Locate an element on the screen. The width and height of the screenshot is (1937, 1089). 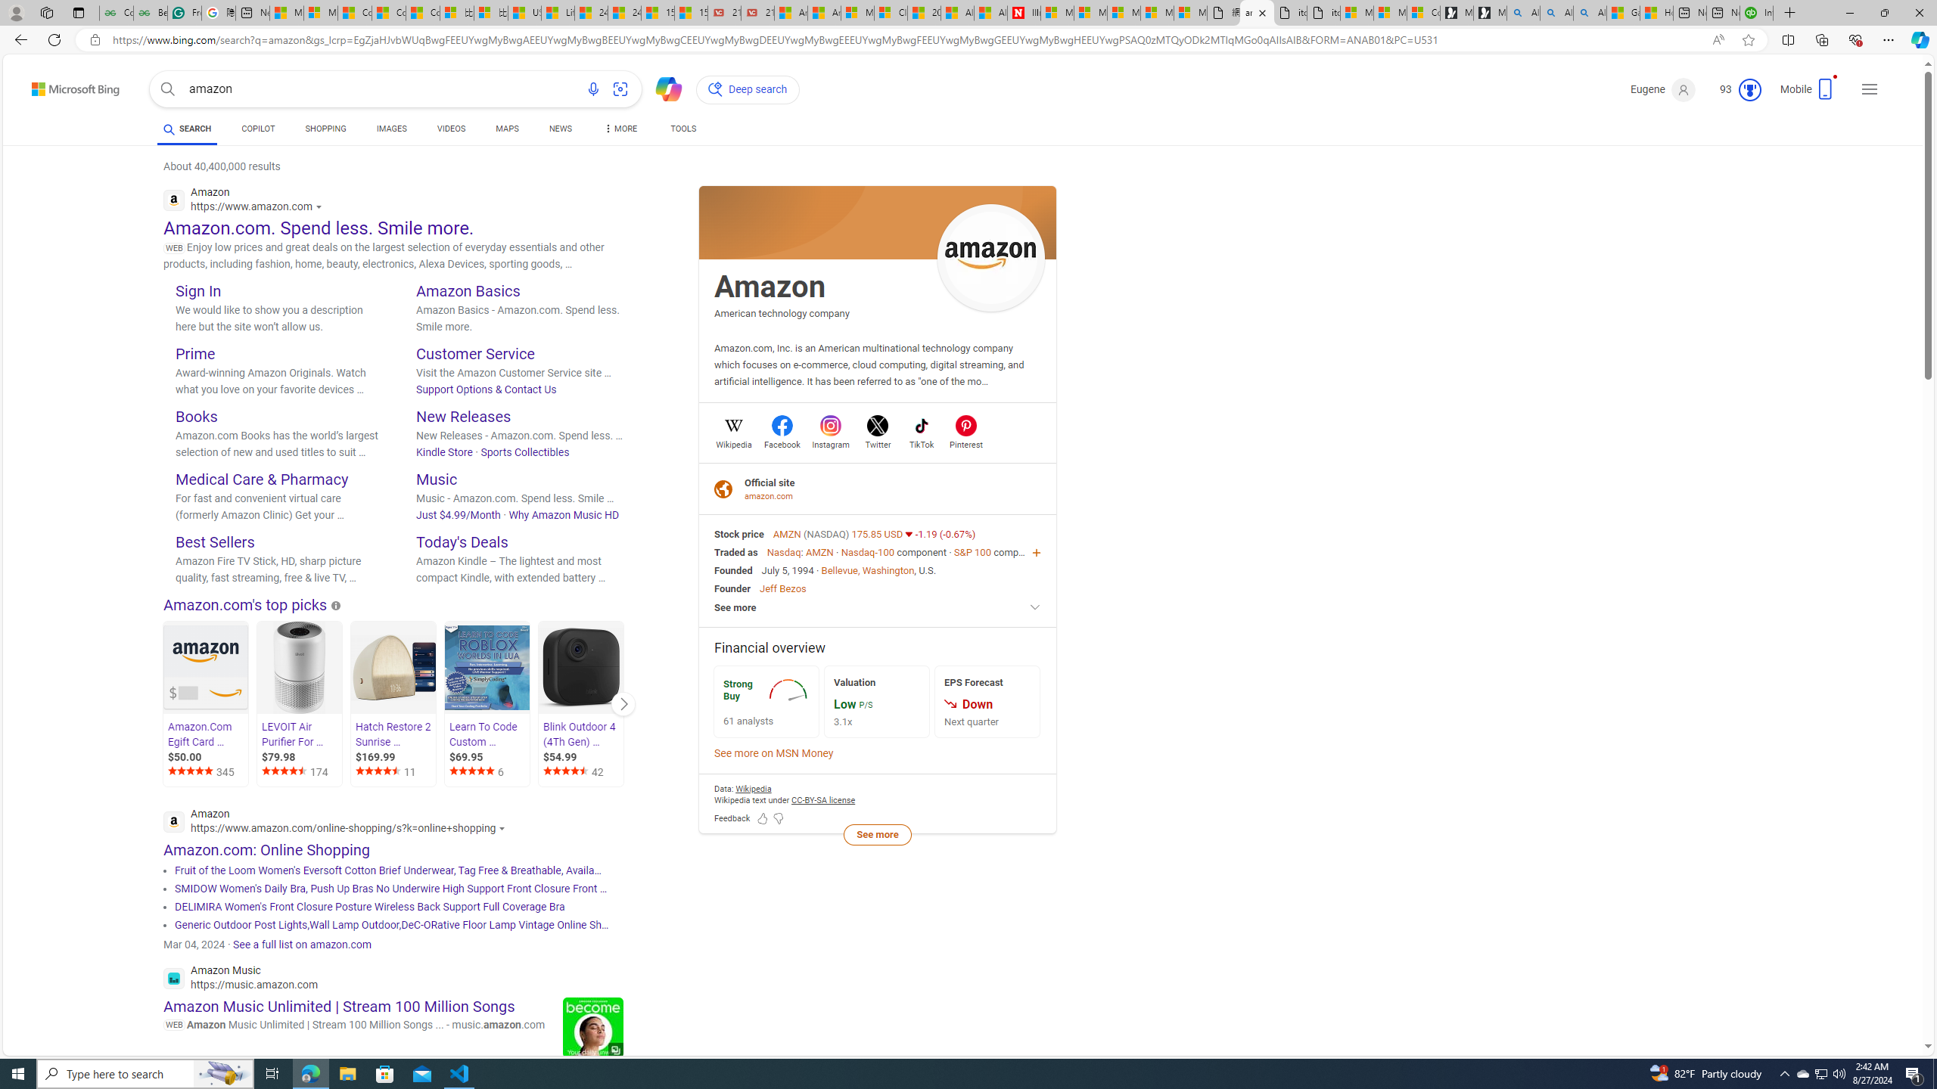
'Global web icon' is located at coordinates (173, 977).